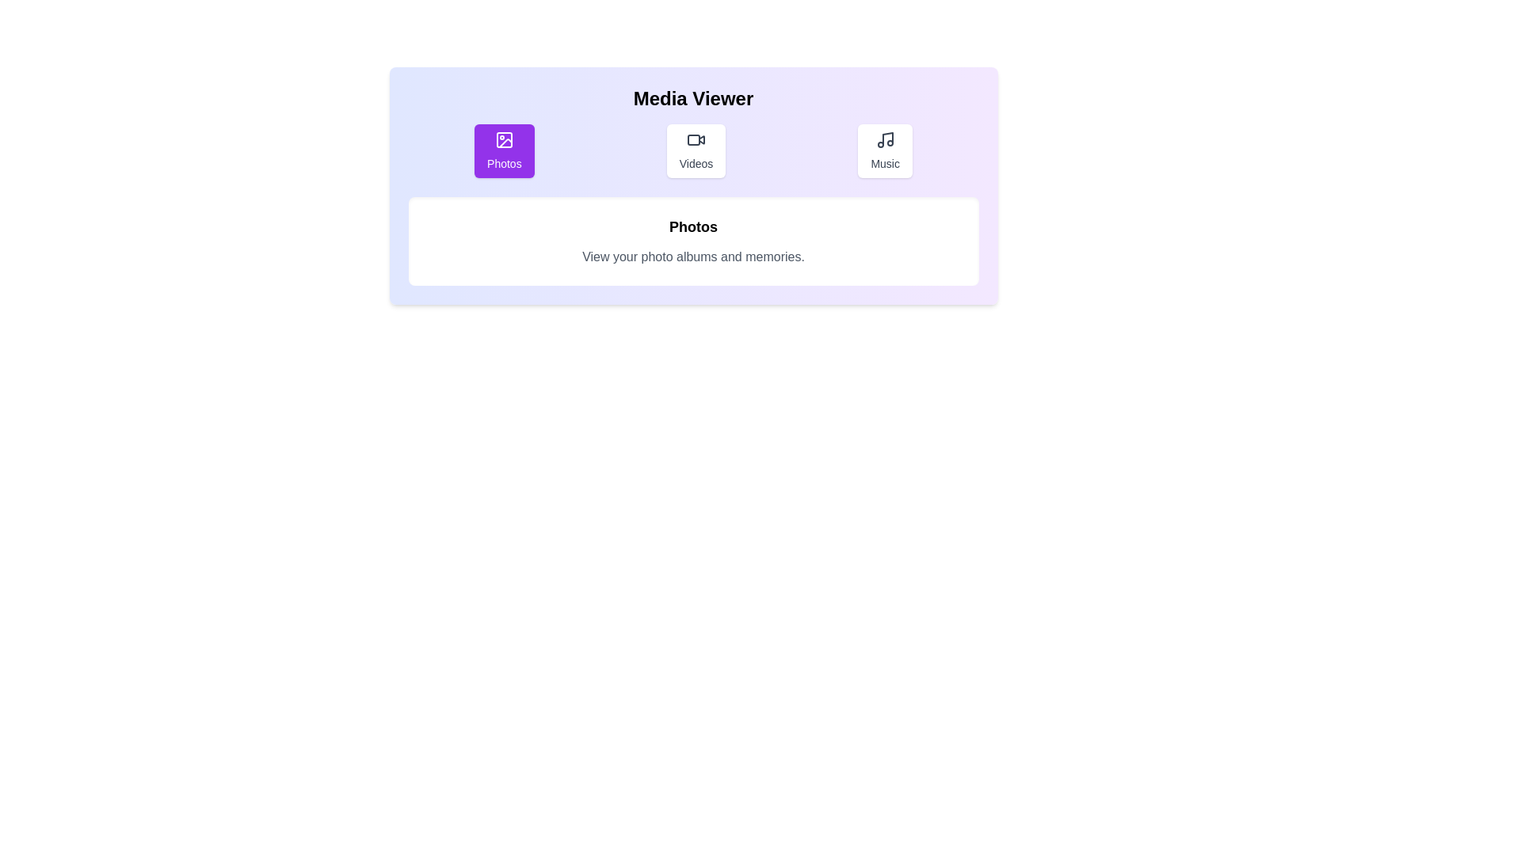 This screenshot has width=1521, height=855. I want to click on the Photos tab to view its content, so click(502, 151).